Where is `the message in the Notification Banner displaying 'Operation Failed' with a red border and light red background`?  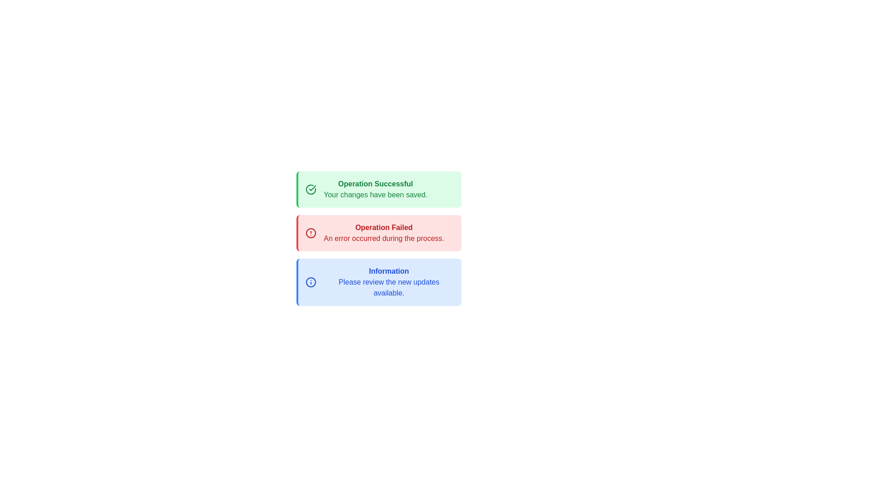 the message in the Notification Banner displaying 'Operation Failed' with a red border and light red background is located at coordinates (379, 233).